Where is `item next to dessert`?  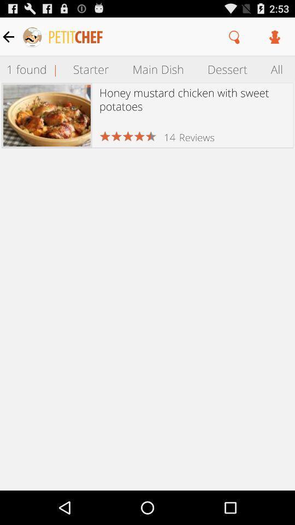
item next to dessert is located at coordinates (277, 68).